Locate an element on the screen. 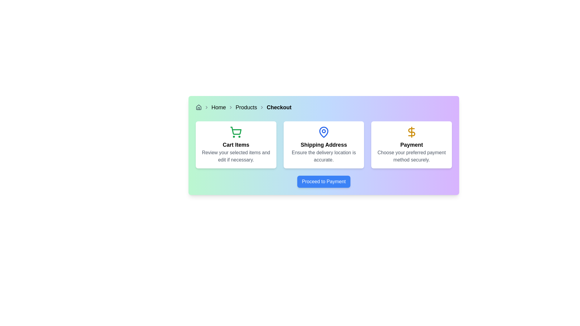 The image size is (580, 326). the Hyperlink label in the breadcrumb navigation bar is located at coordinates (218, 107).